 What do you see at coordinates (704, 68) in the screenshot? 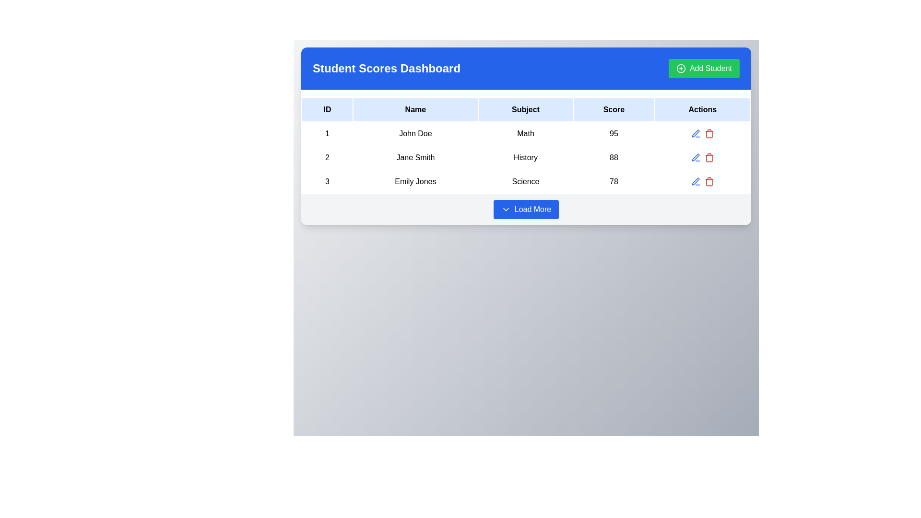
I see `the button for adding a new student record located in the top right corner of the blue header bar labeled 'Student Scores Dashboard'` at bounding box center [704, 68].